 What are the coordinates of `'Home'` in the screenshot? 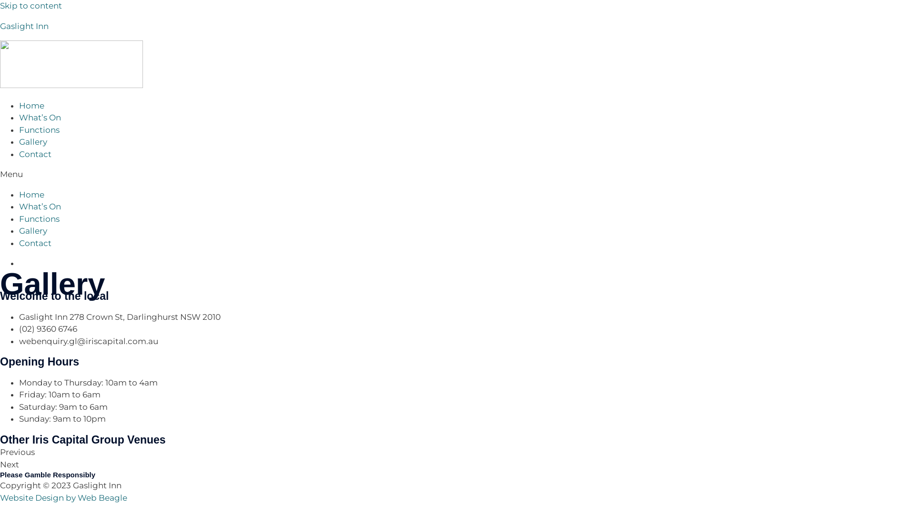 It's located at (31, 106).